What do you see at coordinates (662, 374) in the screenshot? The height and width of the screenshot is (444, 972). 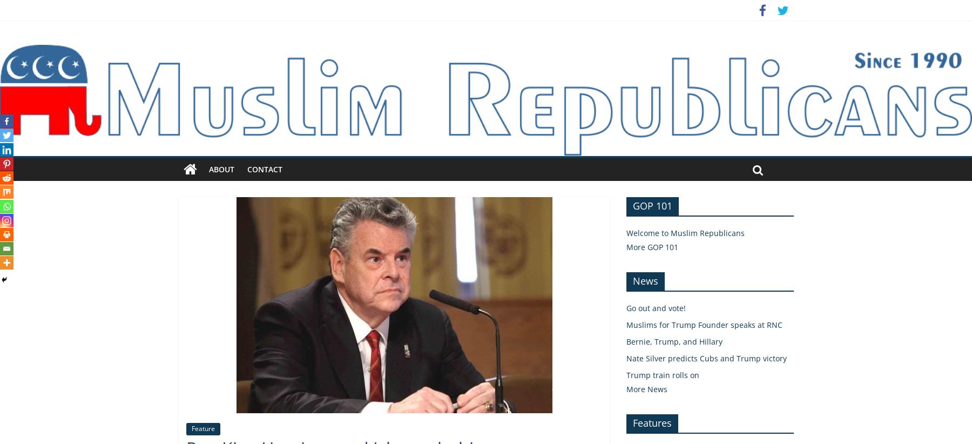 I see `'Trump train rolls on'` at bounding box center [662, 374].